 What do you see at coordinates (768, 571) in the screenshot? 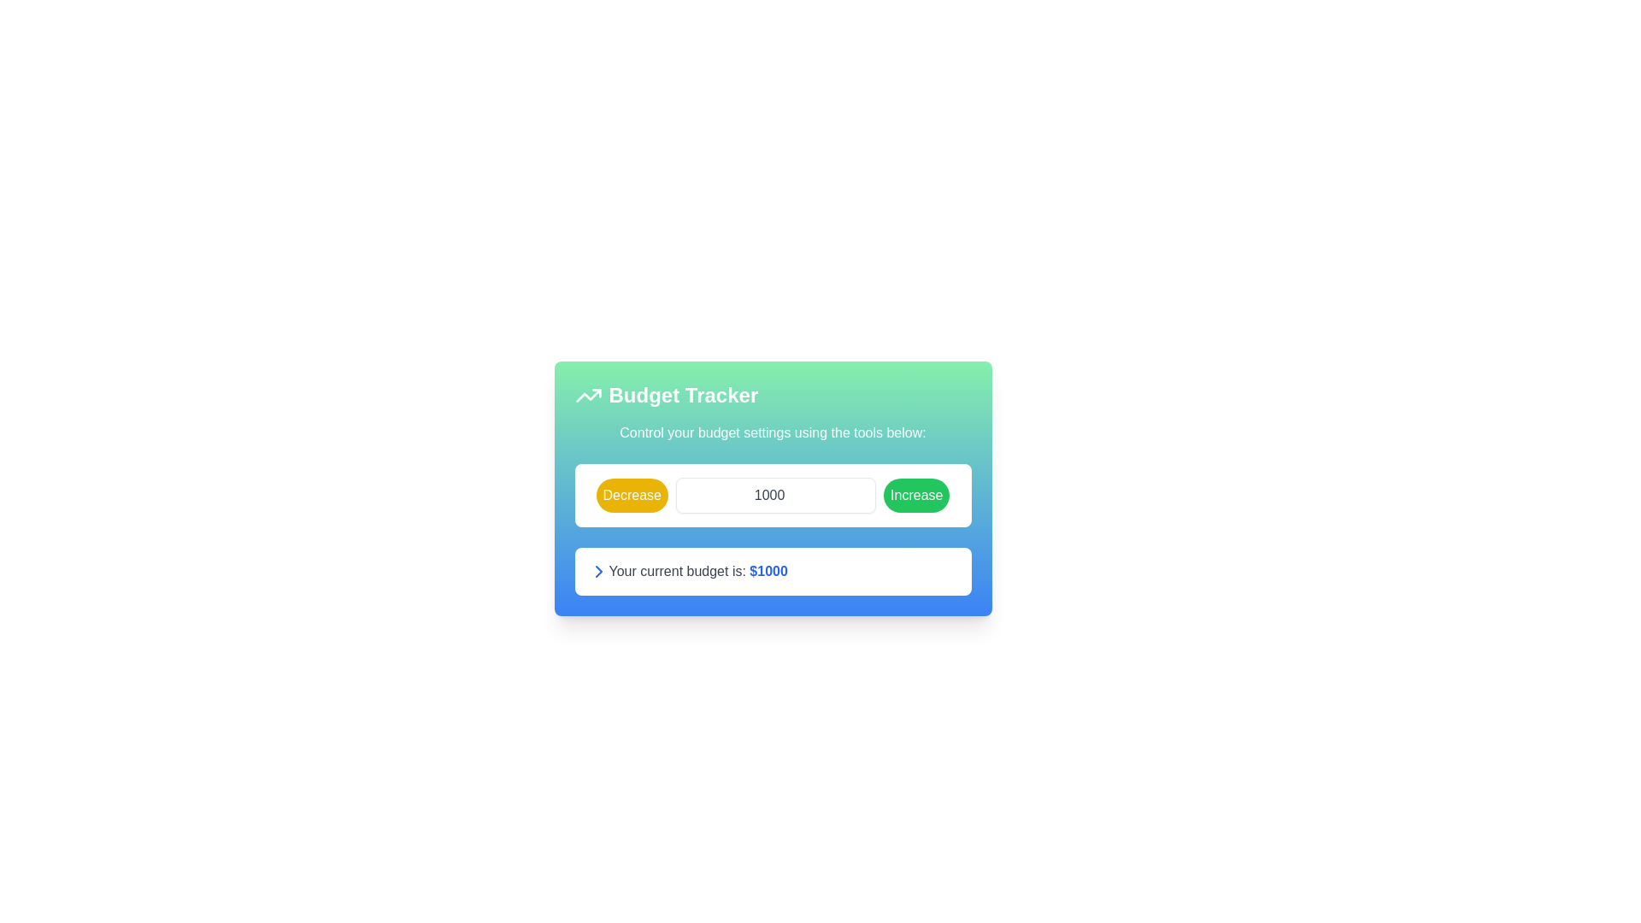
I see `the static text label that displays the current budget value, located at the bottom section of the application interface, aligned with the sentence 'Your current budget is:'` at bounding box center [768, 571].